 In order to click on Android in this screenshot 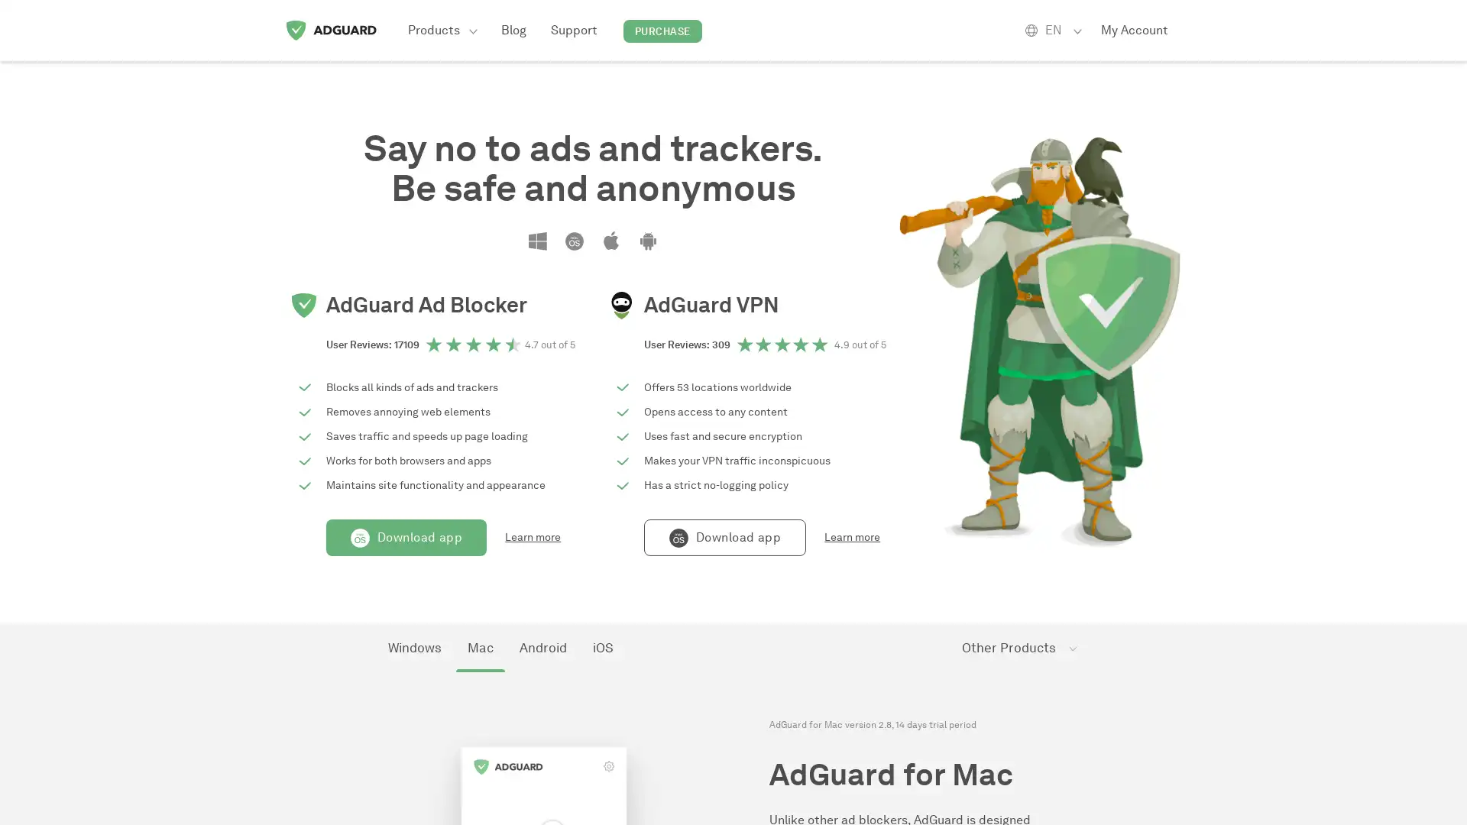, I will do `click(542, 648)`.